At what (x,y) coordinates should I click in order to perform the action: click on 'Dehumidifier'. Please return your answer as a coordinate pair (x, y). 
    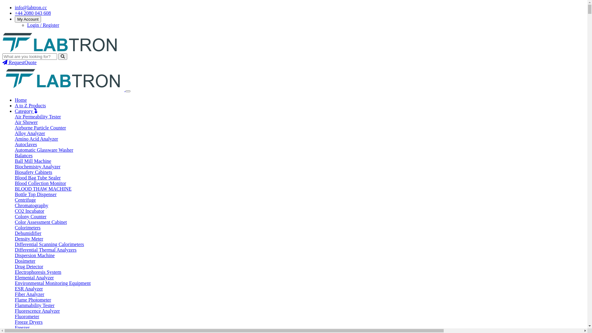
    Looking at the image, I should click on (28, 233).